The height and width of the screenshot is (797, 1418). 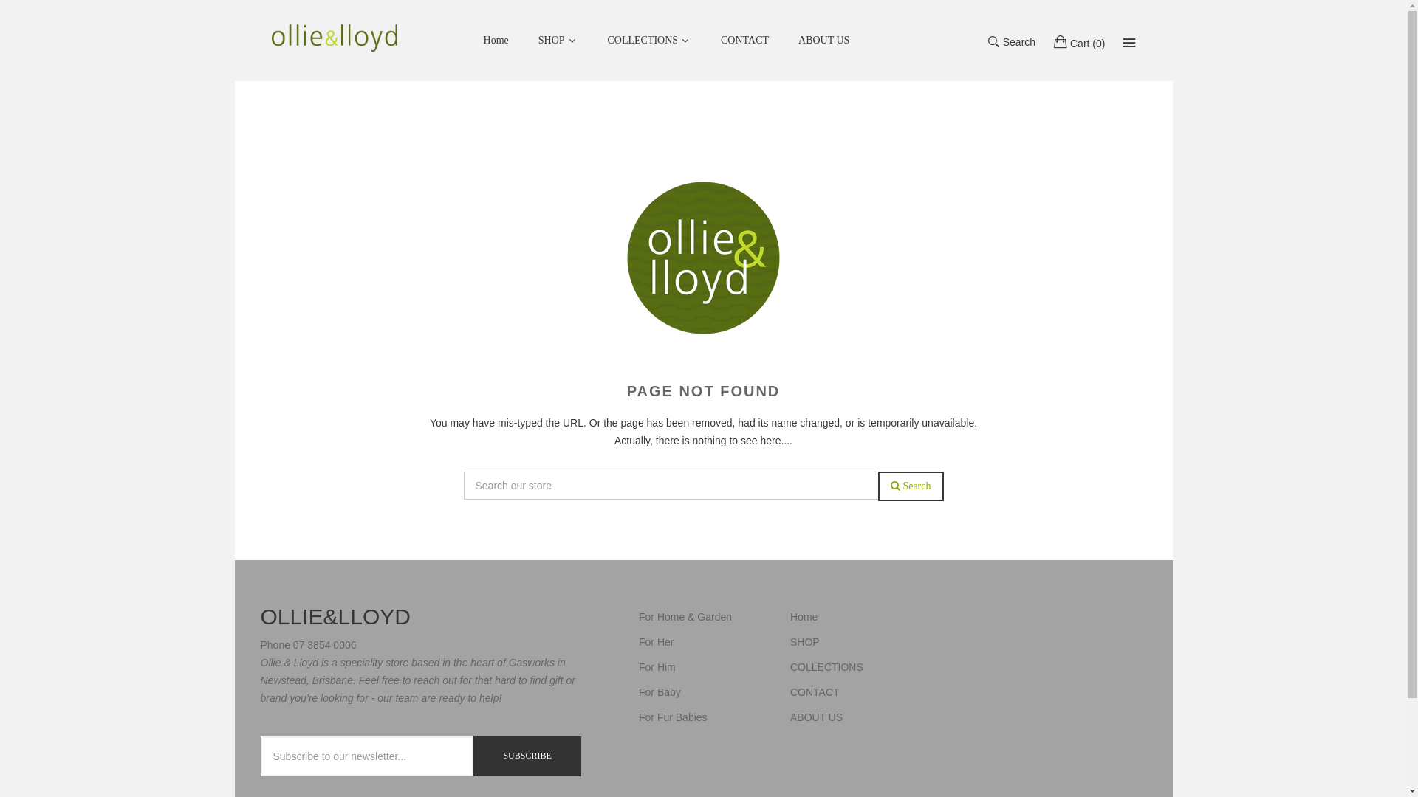 What do you see at coordinates (655, 641) in the screenshot?
I see `'For Her'` at bounding box center [655, 641].